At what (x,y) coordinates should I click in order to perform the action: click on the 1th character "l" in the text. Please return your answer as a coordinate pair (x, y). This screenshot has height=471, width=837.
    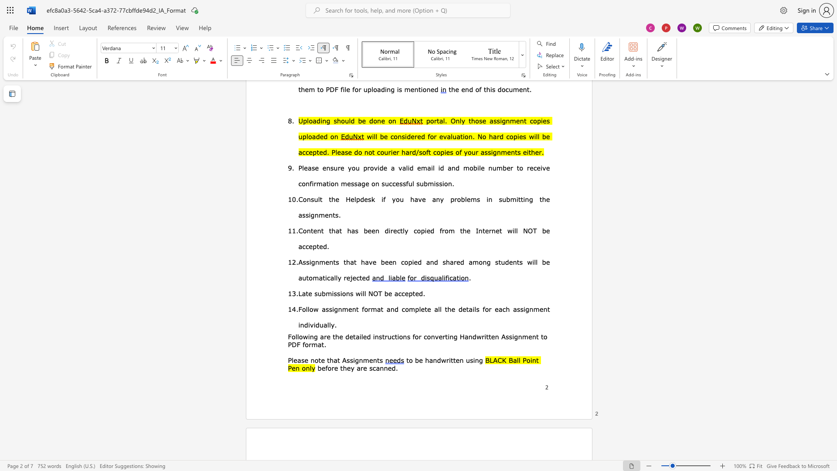
    Looking at the image, I should click on (363, 293).